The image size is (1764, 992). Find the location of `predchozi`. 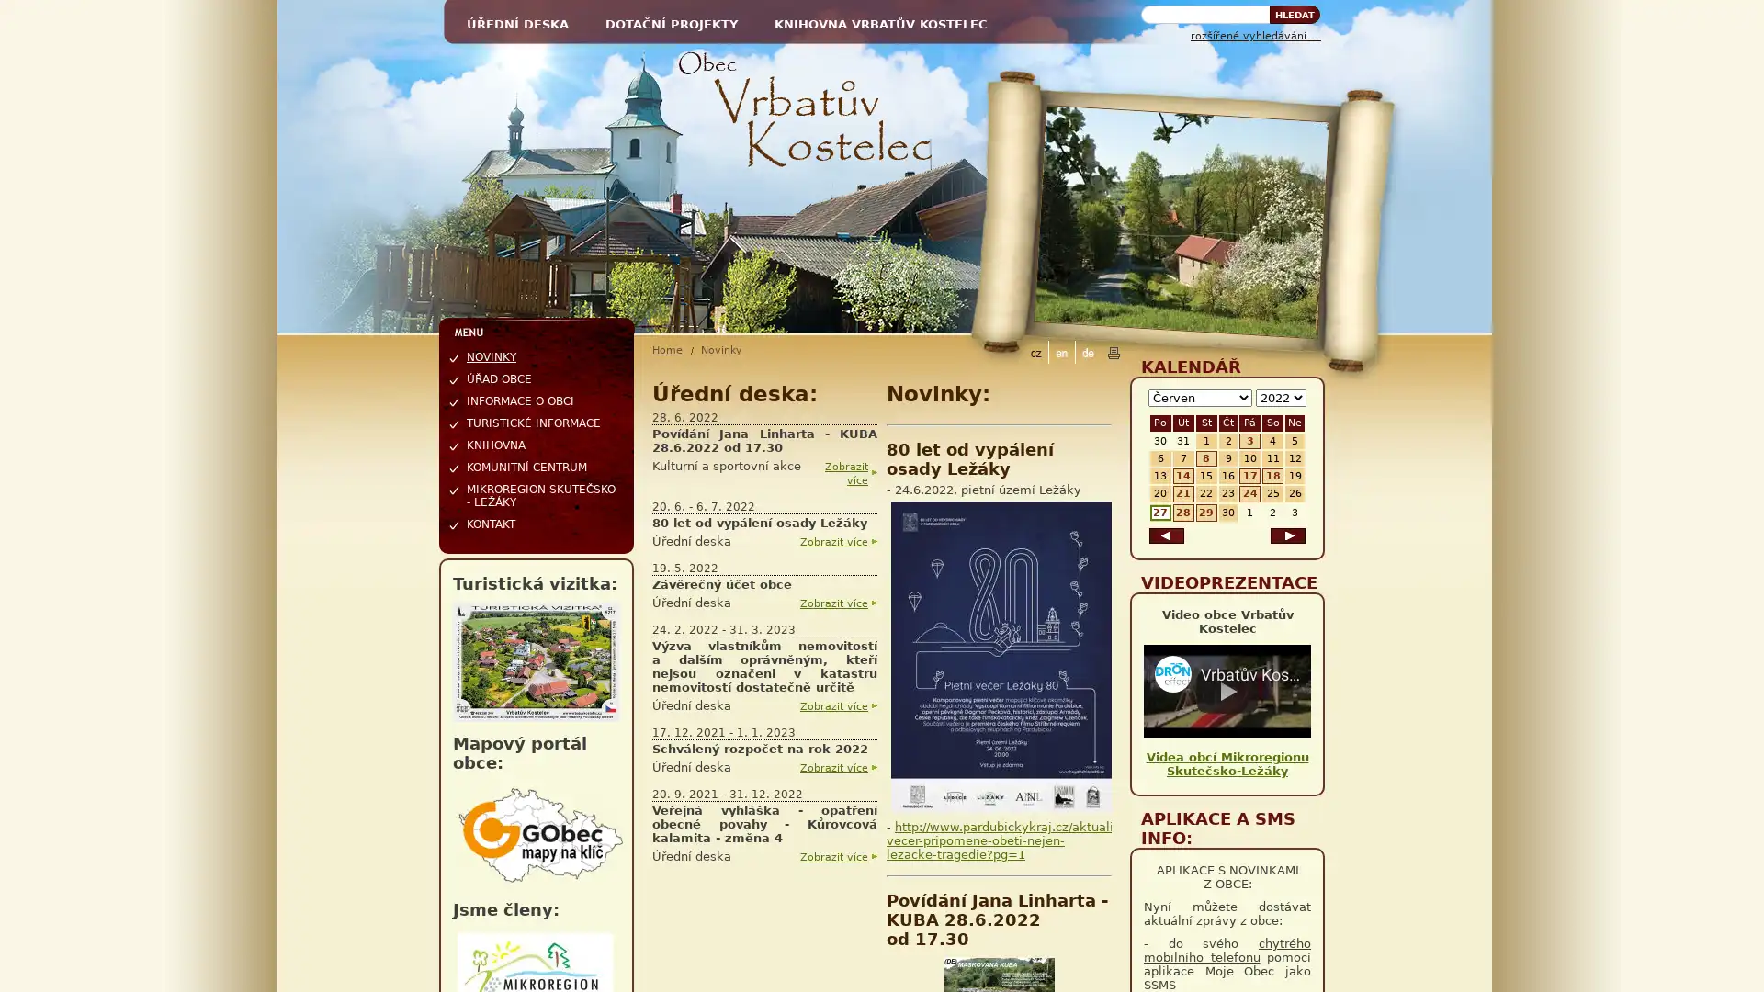

predchozi is located at coordinates (1166, 535).